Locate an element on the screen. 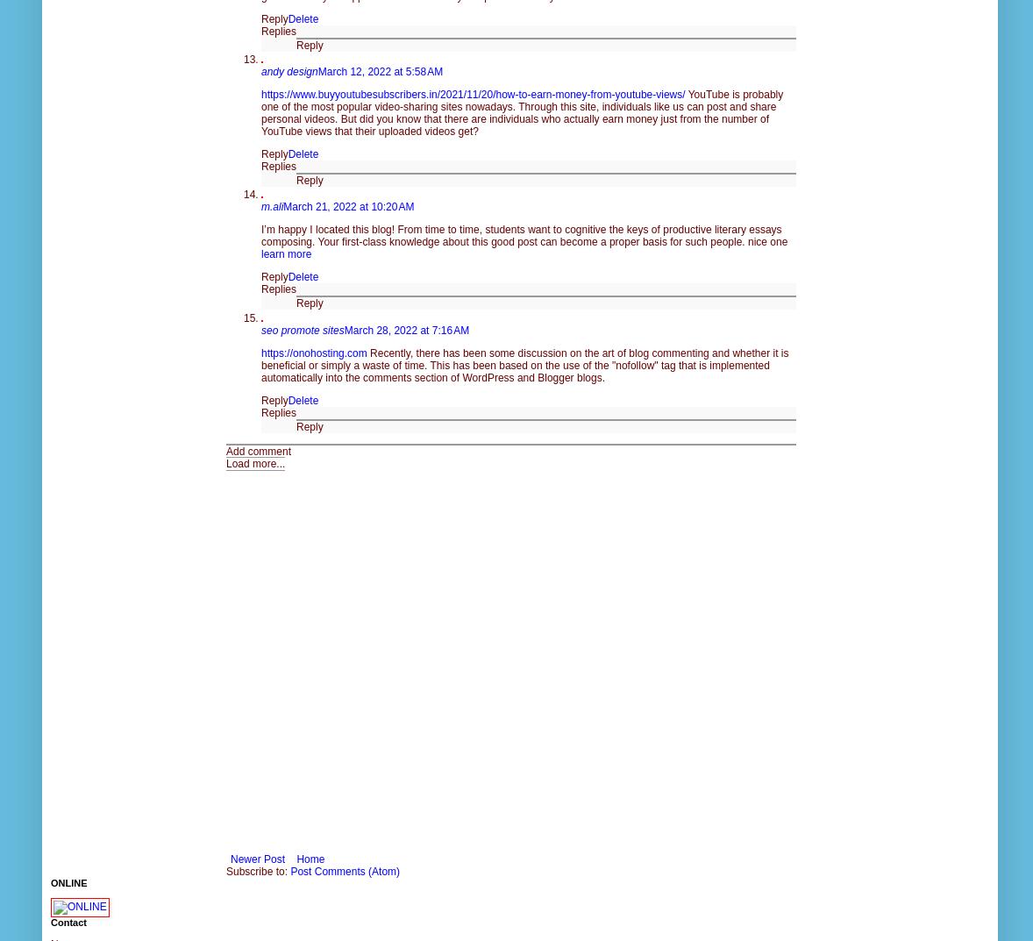  'March 12, 2022 at 5:58 AM' is located at coordinates (380, 71).